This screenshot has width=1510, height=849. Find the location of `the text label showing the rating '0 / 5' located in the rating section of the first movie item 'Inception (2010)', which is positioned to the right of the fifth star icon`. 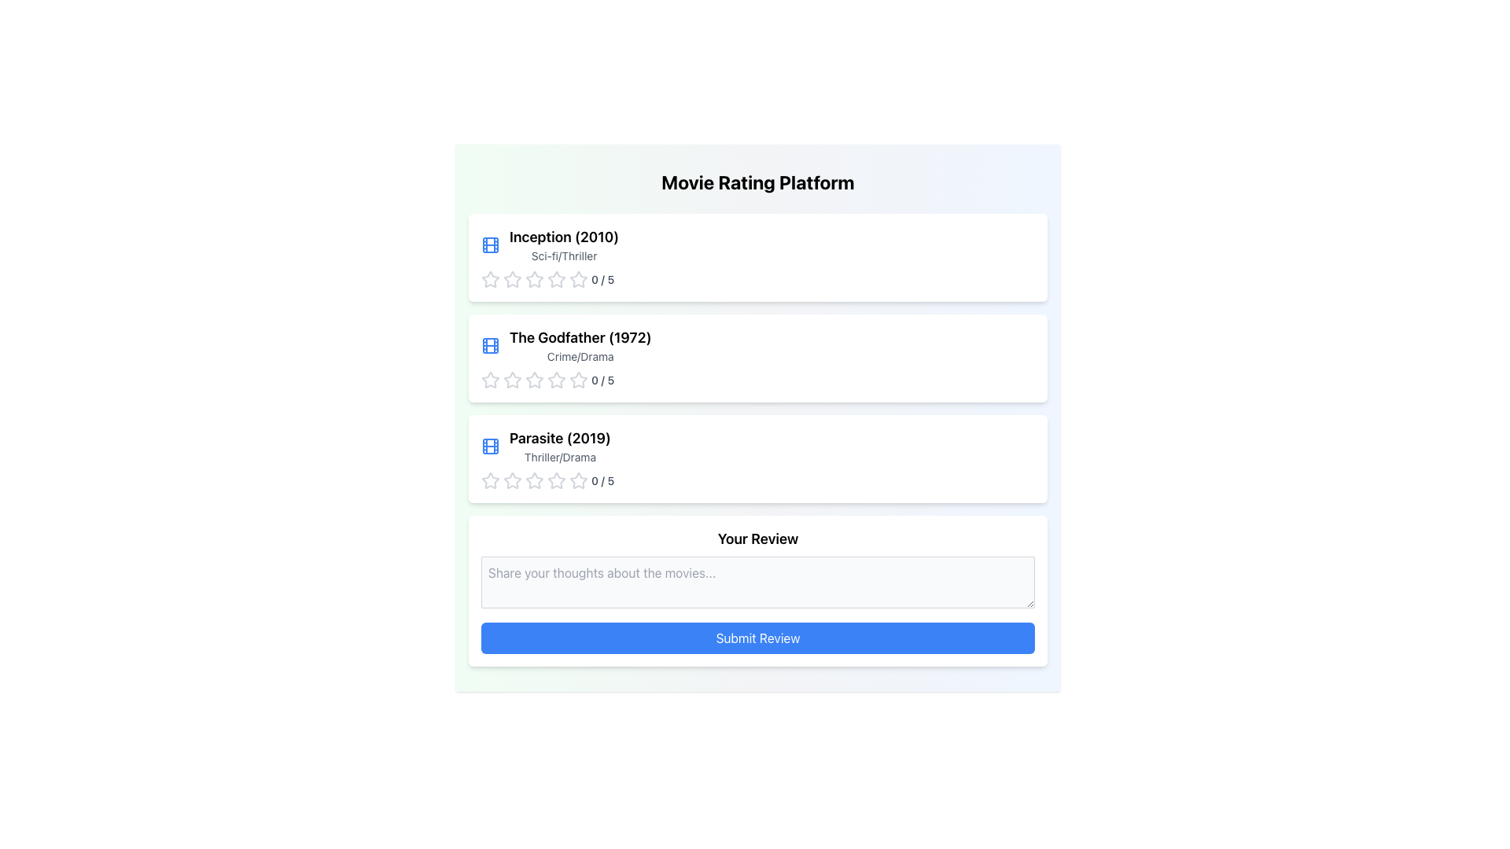

the text label showing the rating '0 / 5' located in the rating section of the first movie item 'Inception (2010)', which is positioned to the right of the fifth star icon is located at coordinates (602, 278).